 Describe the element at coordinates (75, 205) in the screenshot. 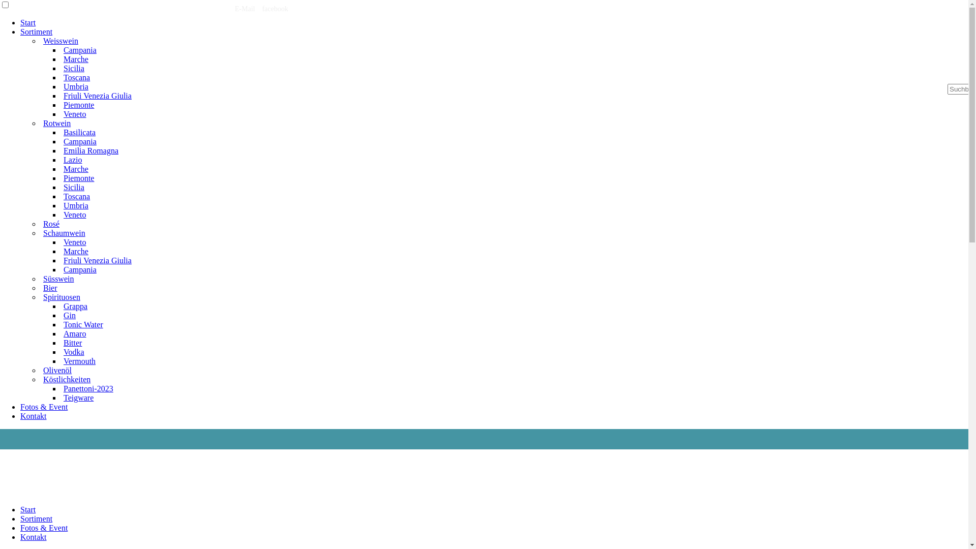

I see `'Umbria'` at that location.